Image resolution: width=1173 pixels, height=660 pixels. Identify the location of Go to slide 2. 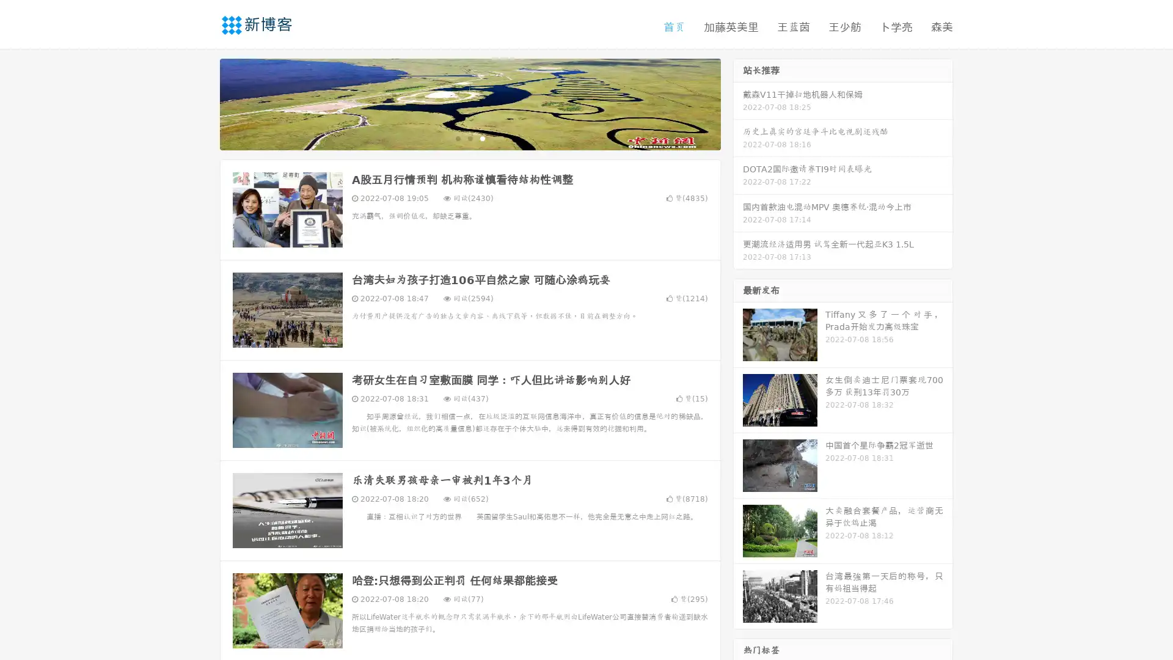
(469, 137).